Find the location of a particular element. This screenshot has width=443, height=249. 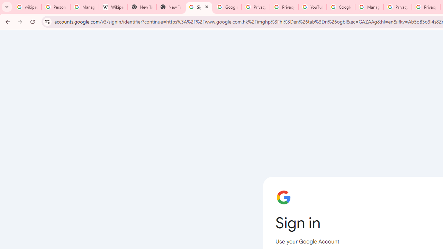

'Wikipedia:Edit requests - Wikipedia' is located at coordinates (113, 7).